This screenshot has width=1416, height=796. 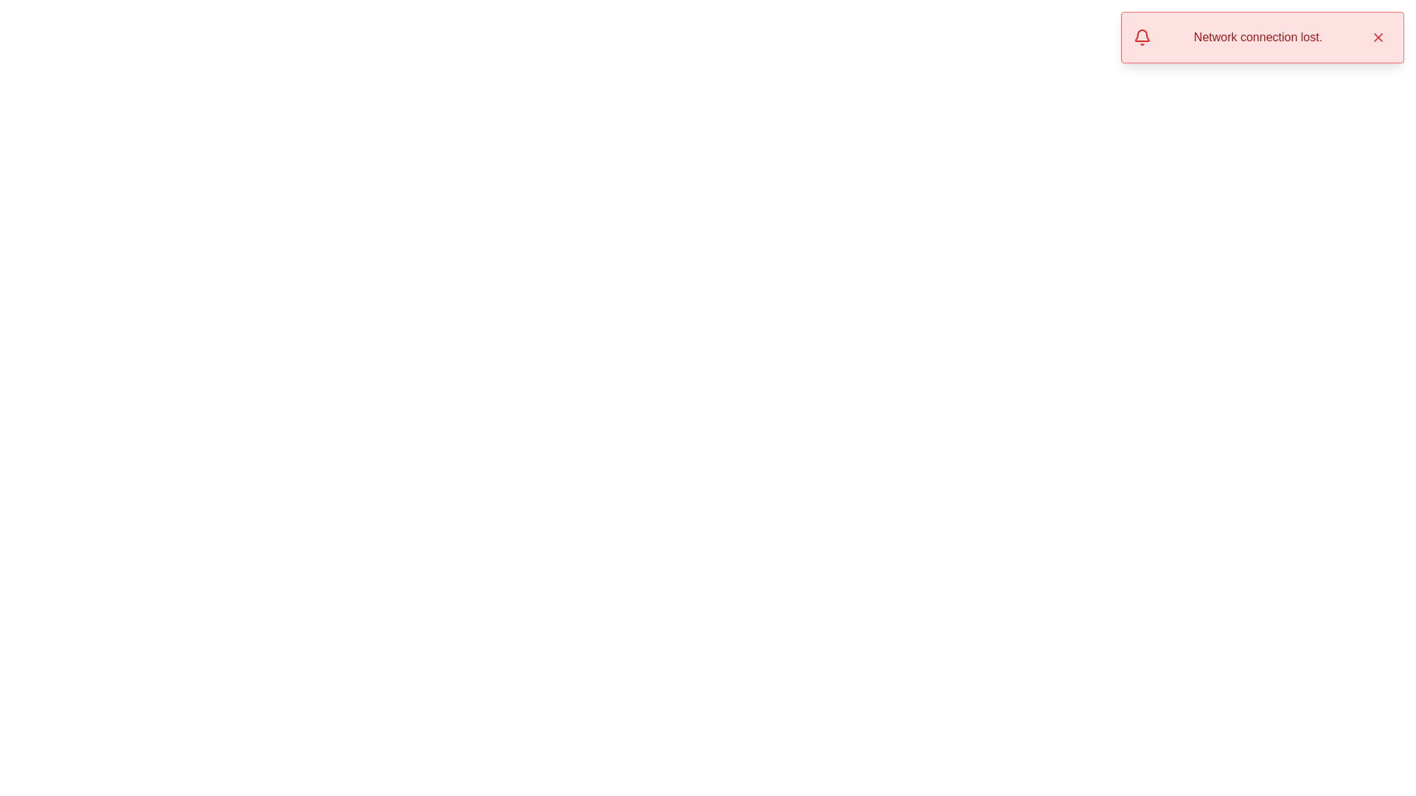 What do you see at coordinates (1377, 36) in the screenshot?
I see `the red 'X' Close button represented as an SVG graphic` at bounding box center [1377, 36].